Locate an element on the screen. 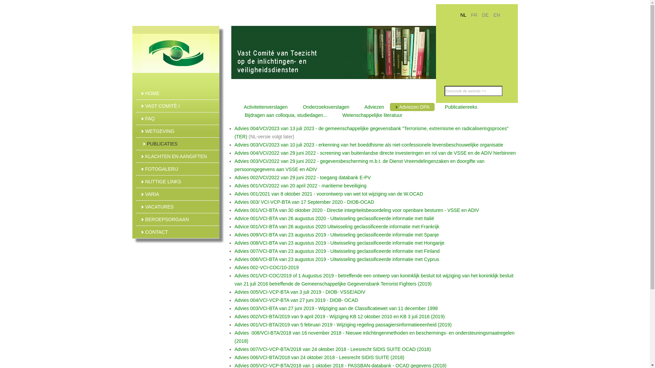 The height and width of the screenshot is (368, 655). 'Wetenschappelijke literatuur' is located at coordinates (333, 115).